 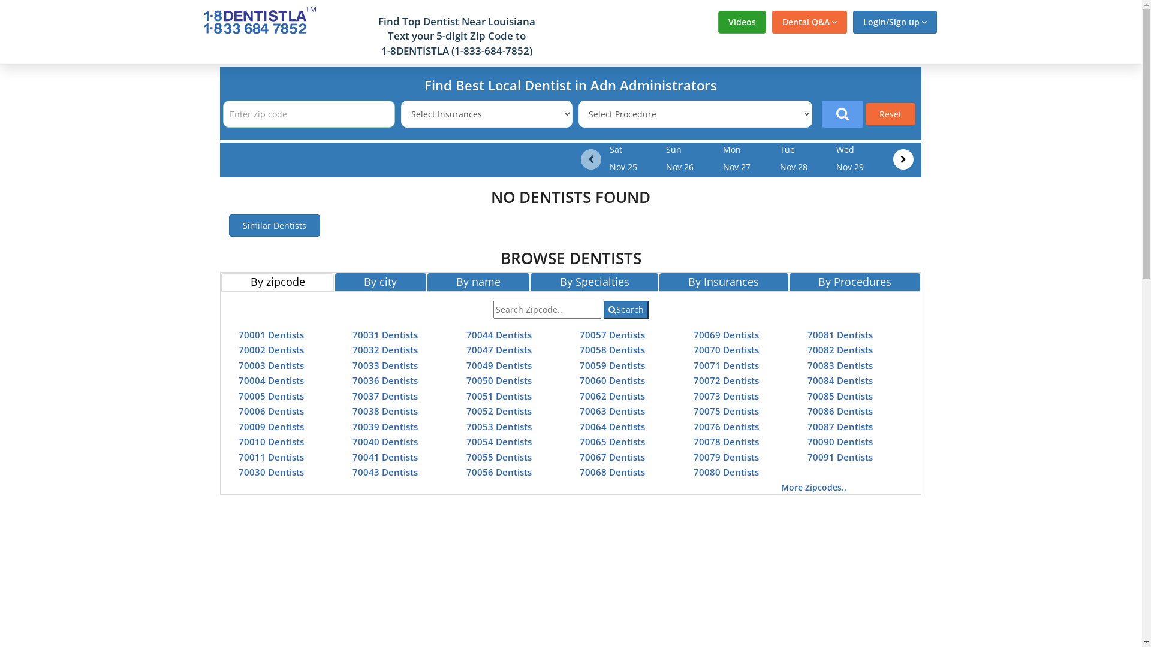 What do you see at coordinates (239, 471) in the screenshot?
I see `'70030 Dentists'` at bounding box center [239, 471].